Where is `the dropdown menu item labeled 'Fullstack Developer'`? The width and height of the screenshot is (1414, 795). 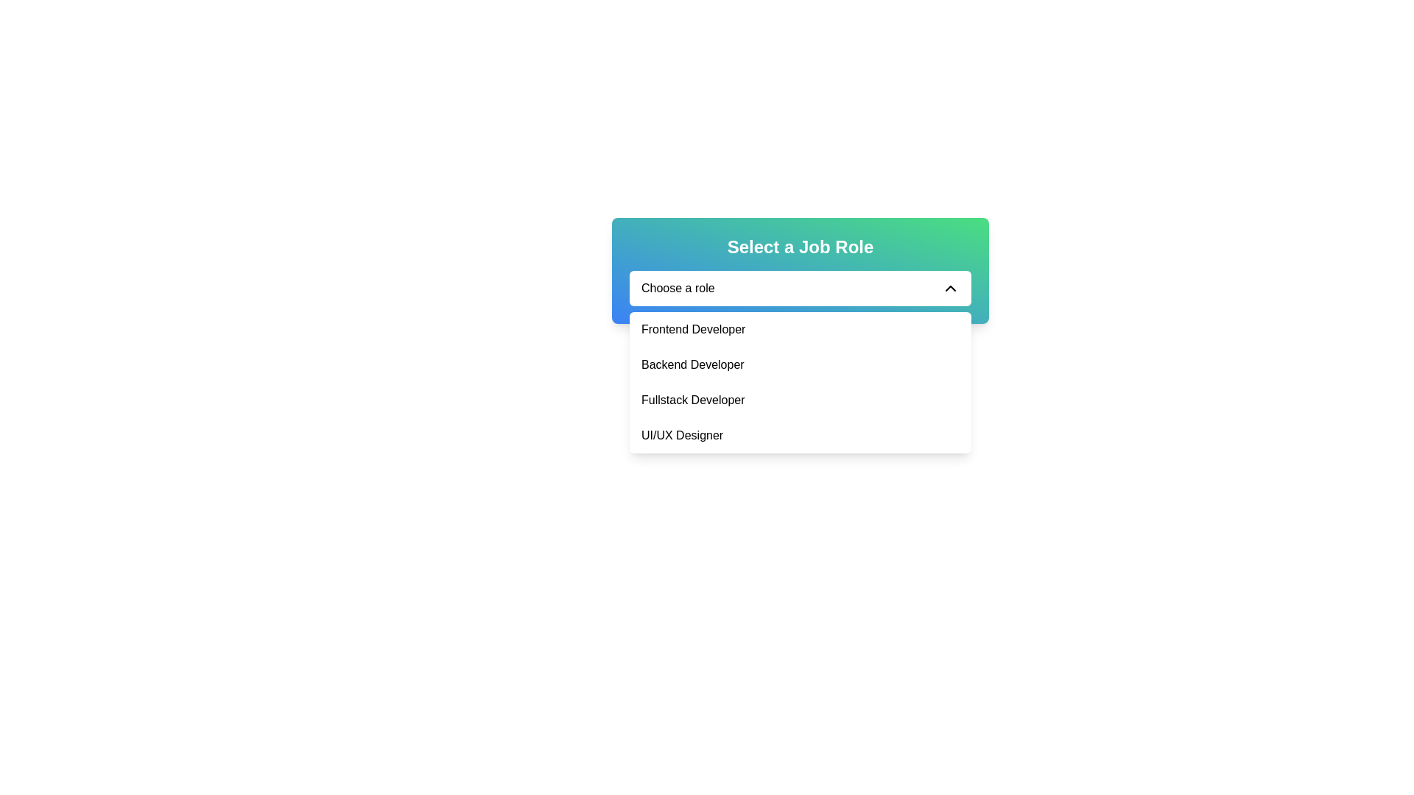 the dropdown menu item labeled 'Fullstack Developer' is located at coordinates (799, 400).